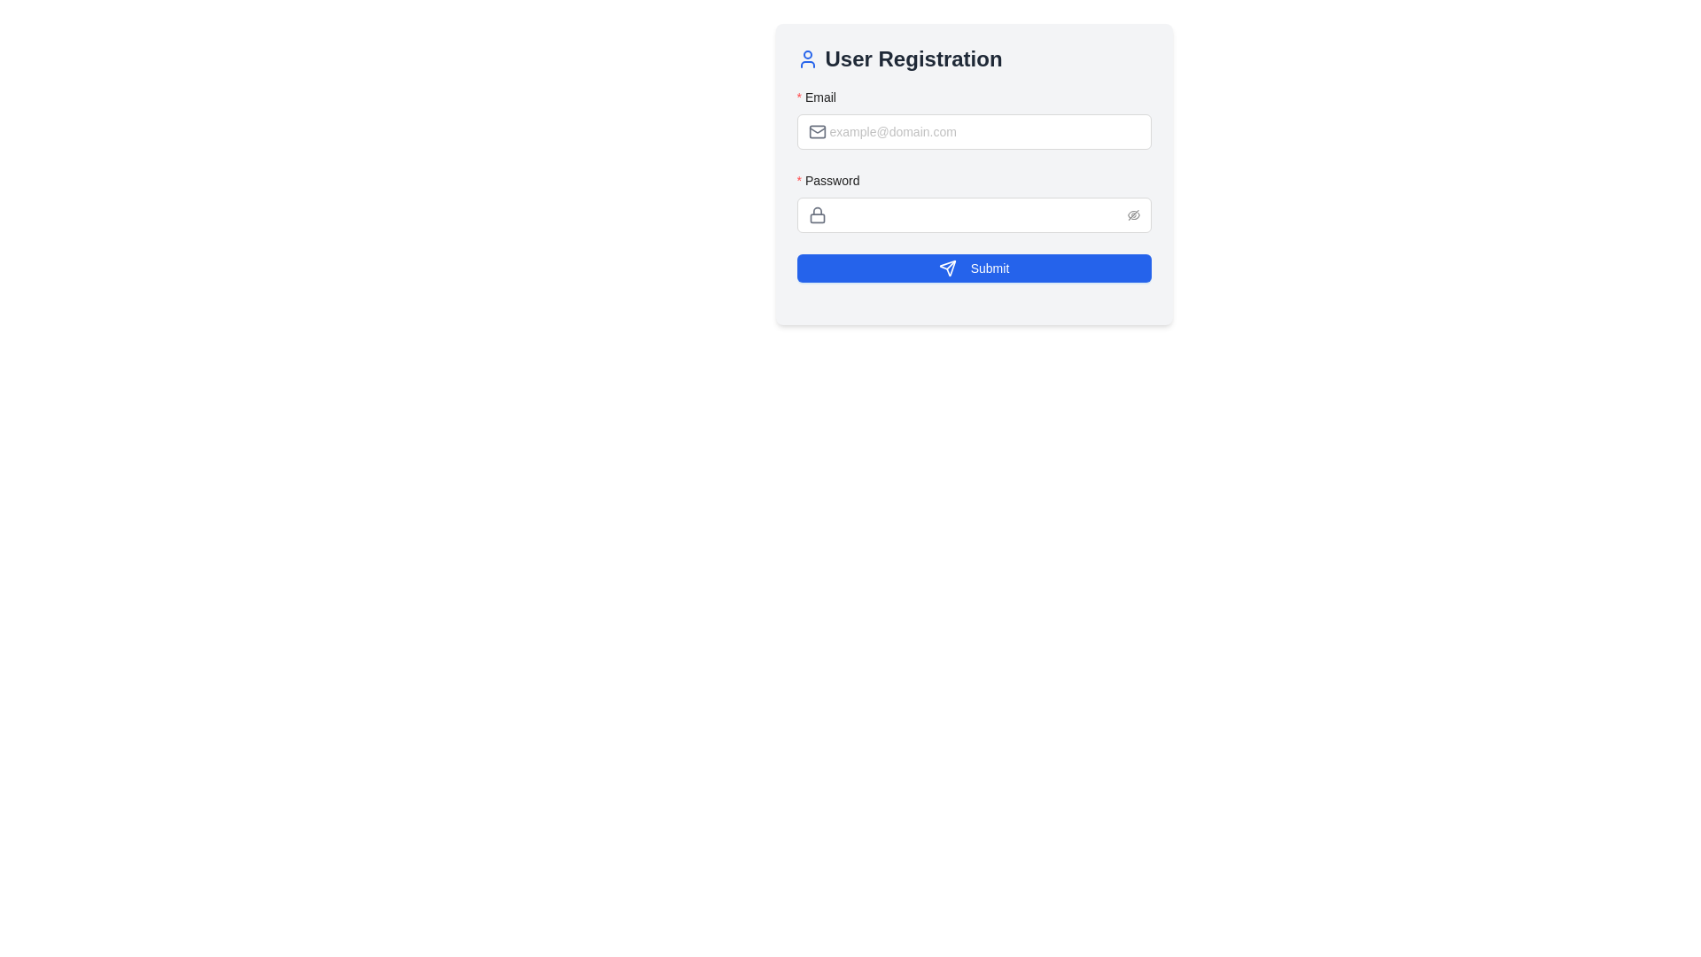 This screenshot has width=1701, height=957. What do you see at coordinates (973, 268) in the screenshot?
I see `the 'Submit' button` at bounding box center [973, 268].